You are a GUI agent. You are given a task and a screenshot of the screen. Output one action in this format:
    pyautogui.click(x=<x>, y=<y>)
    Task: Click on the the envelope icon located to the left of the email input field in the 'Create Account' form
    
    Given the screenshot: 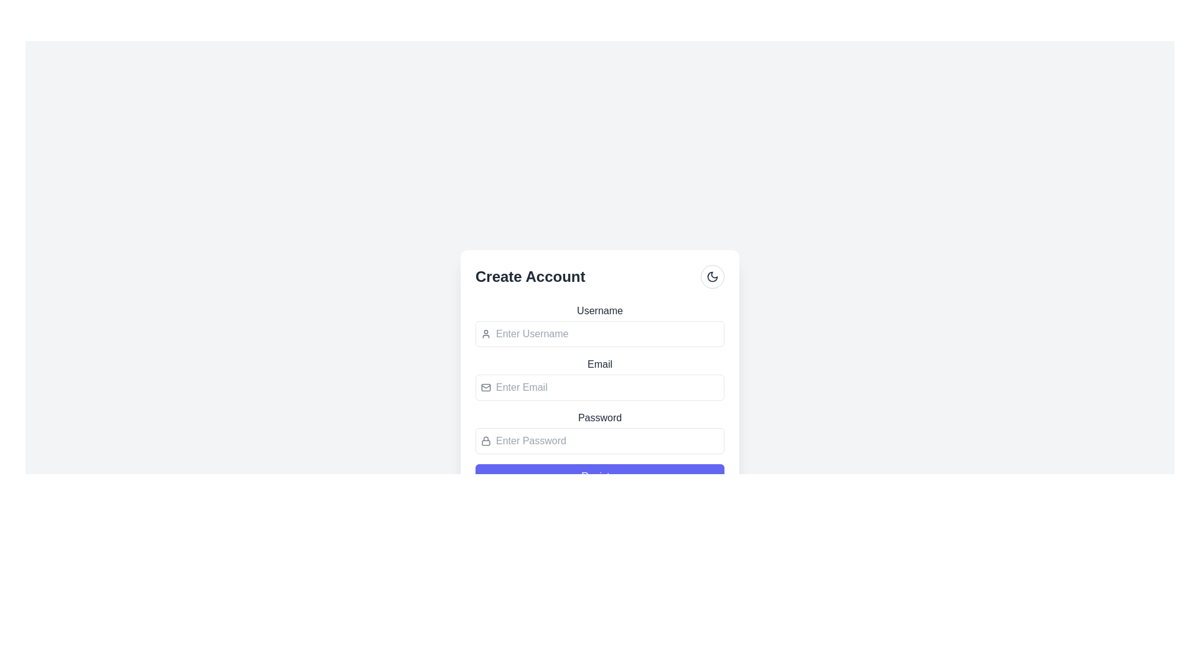 What is the action you would take?
    pyautogui.click(x=485, y=387)
    